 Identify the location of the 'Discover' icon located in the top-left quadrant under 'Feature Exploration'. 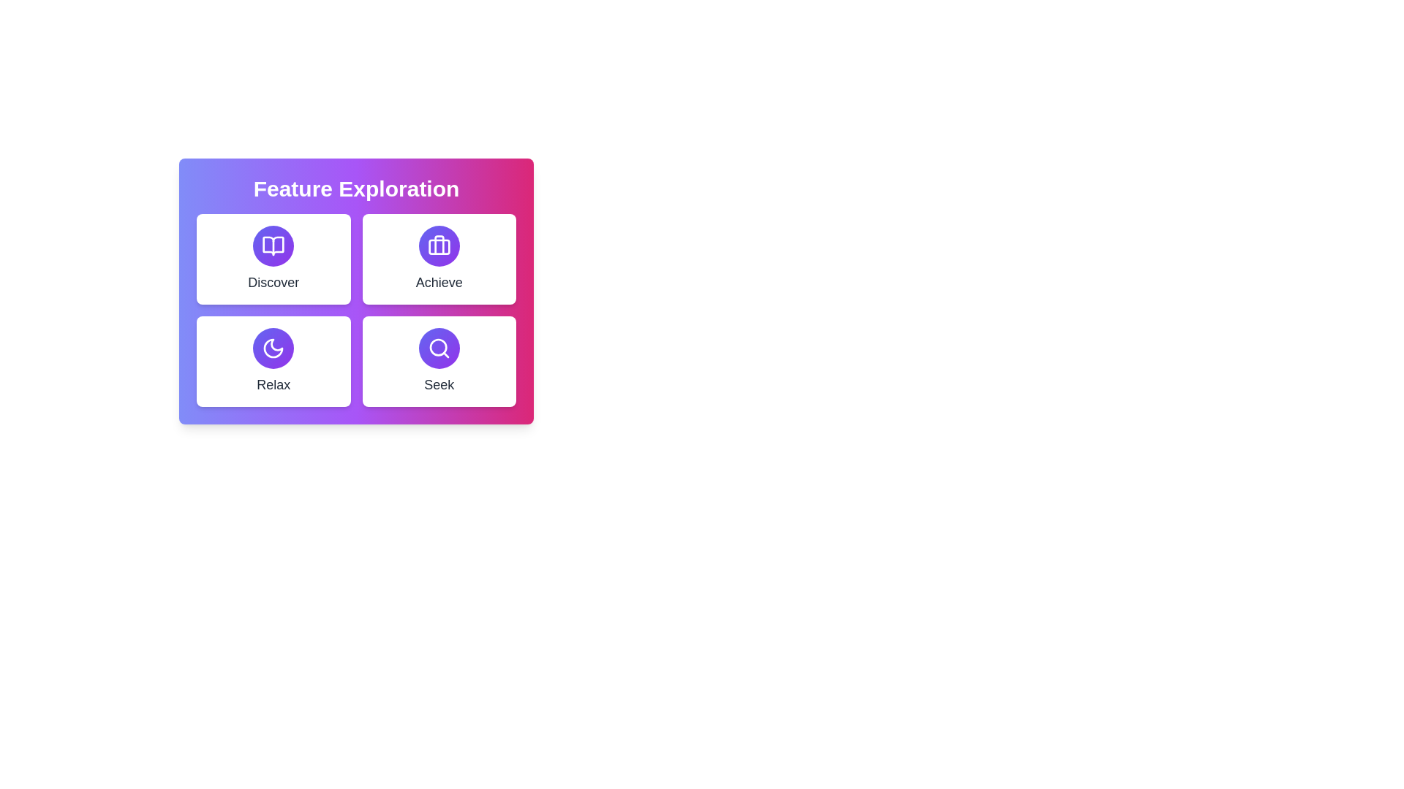
(273, 245).